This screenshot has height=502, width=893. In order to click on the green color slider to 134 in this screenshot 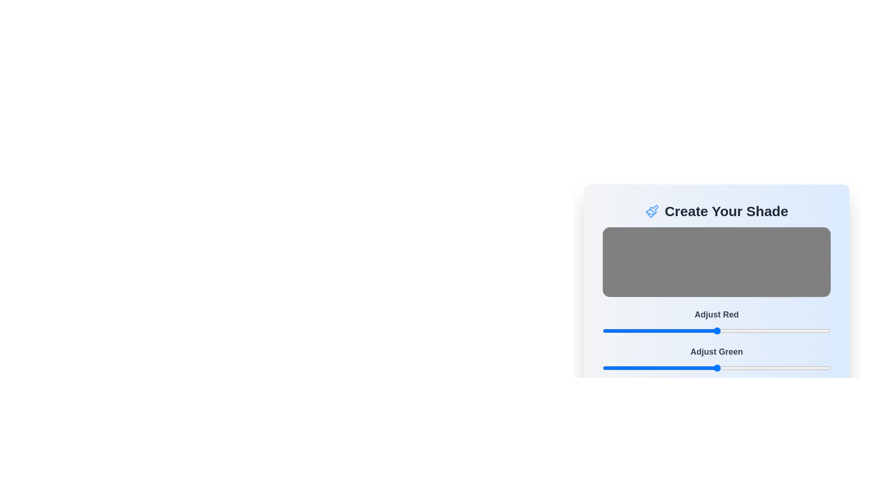, I will do `click(722, 367)`.